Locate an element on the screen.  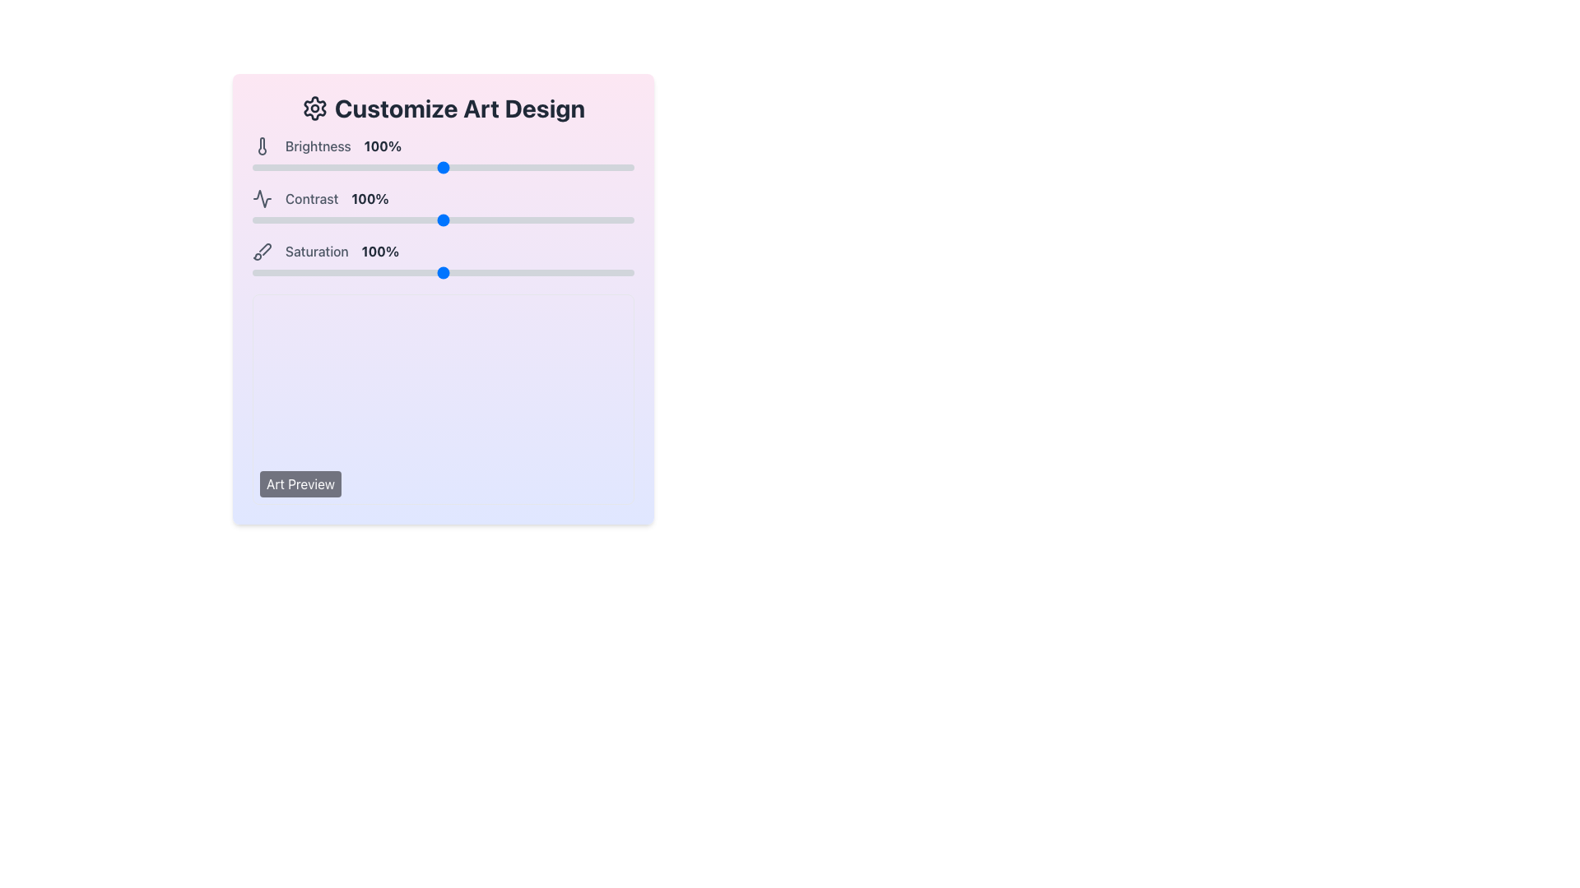
the saturation level is located at coordinates (451, 271).